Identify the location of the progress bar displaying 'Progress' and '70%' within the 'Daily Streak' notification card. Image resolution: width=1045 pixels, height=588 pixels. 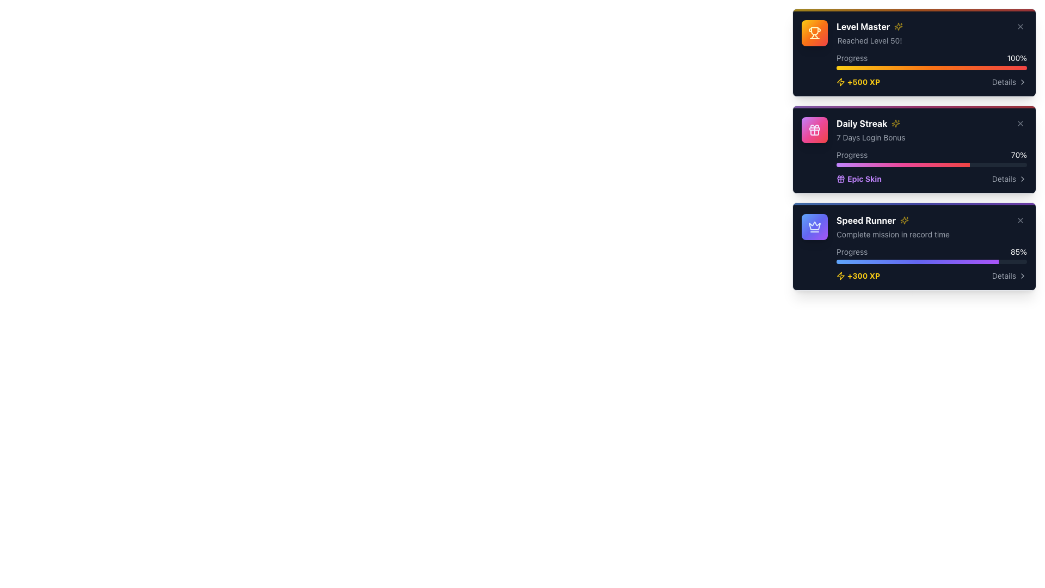
(931, 158).